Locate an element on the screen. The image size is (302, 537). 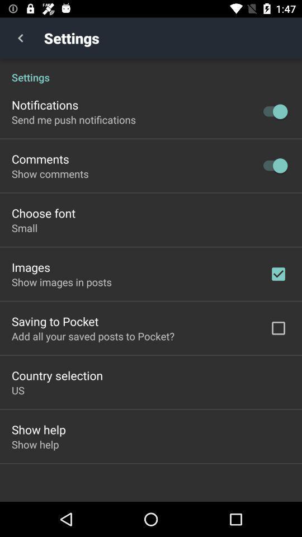
the item below the show comments icon is located at coordinates (43, 213).